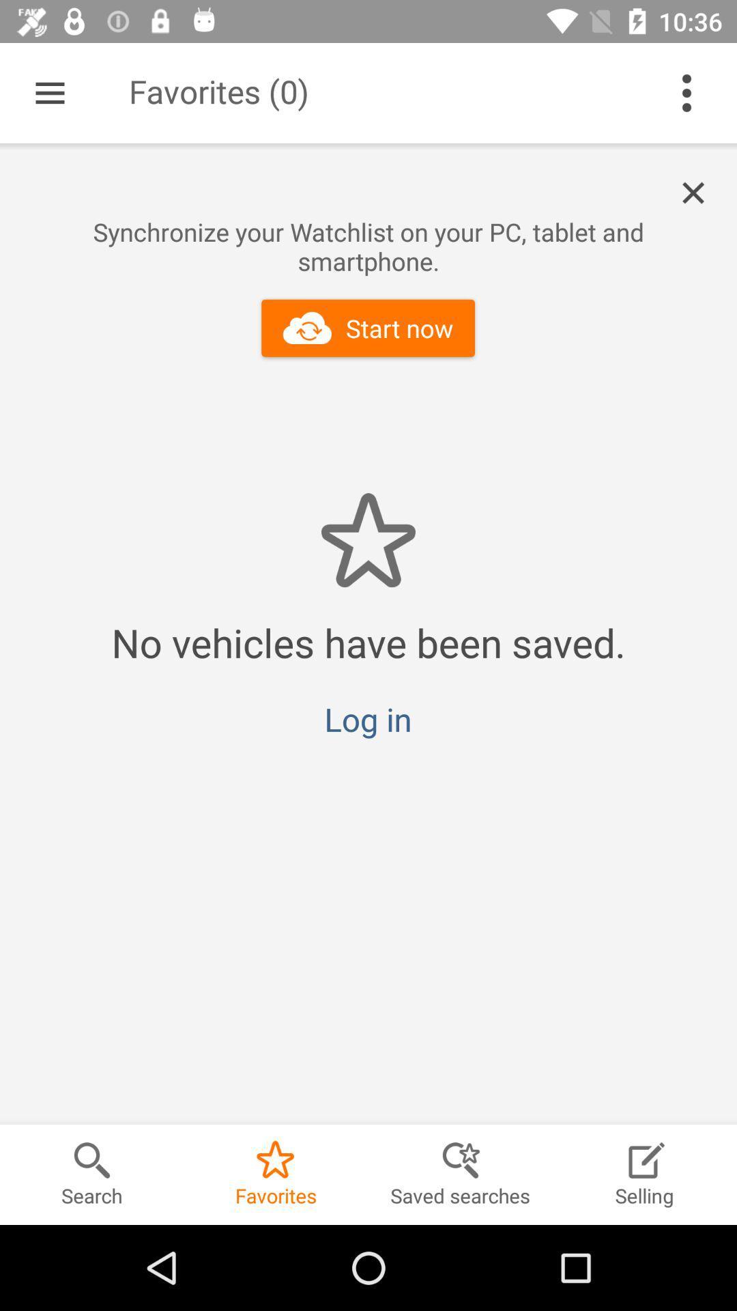 The height and width of the screenshot is (1311, 737). I want to click on the item next to favorites (0), so click(49, 92).